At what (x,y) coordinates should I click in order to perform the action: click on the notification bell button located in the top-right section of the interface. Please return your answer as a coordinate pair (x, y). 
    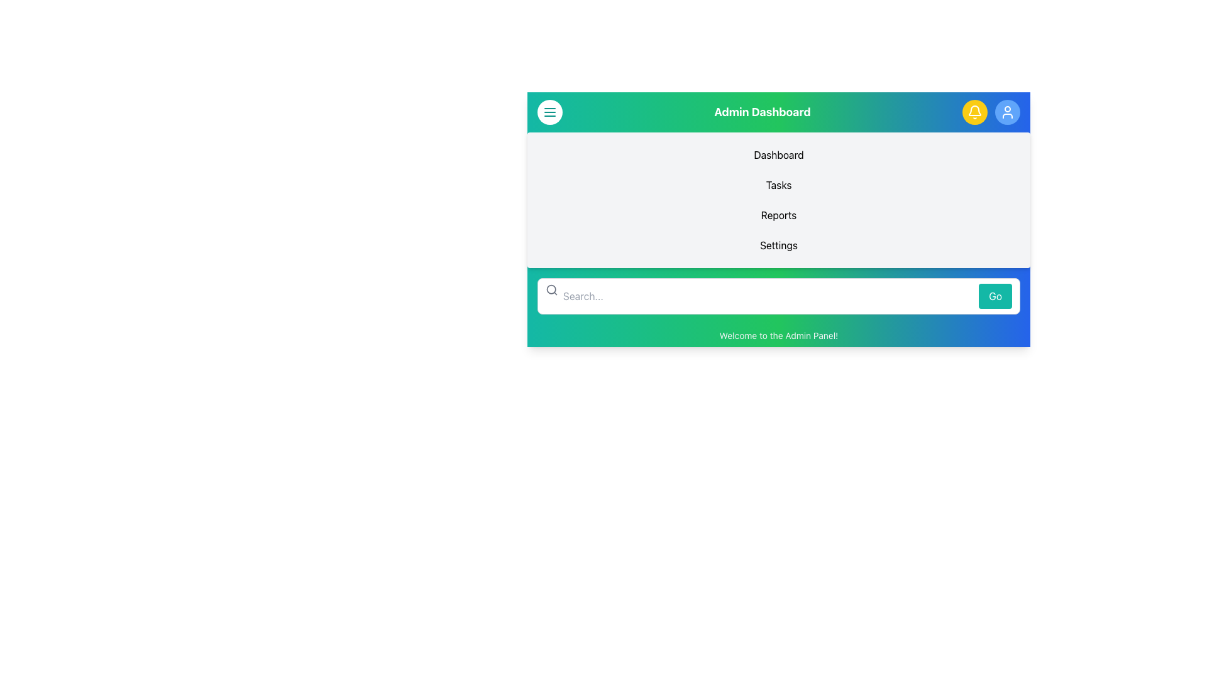
    Looking at the image, I should click on (974, 111).